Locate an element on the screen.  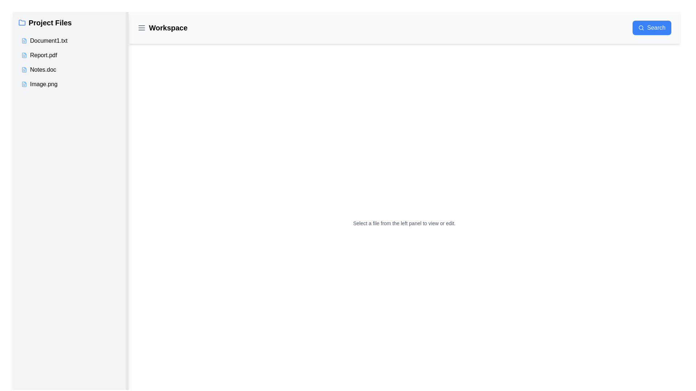
the list item representing the file 'Notes.doc' is located at coordinates (71, 70).